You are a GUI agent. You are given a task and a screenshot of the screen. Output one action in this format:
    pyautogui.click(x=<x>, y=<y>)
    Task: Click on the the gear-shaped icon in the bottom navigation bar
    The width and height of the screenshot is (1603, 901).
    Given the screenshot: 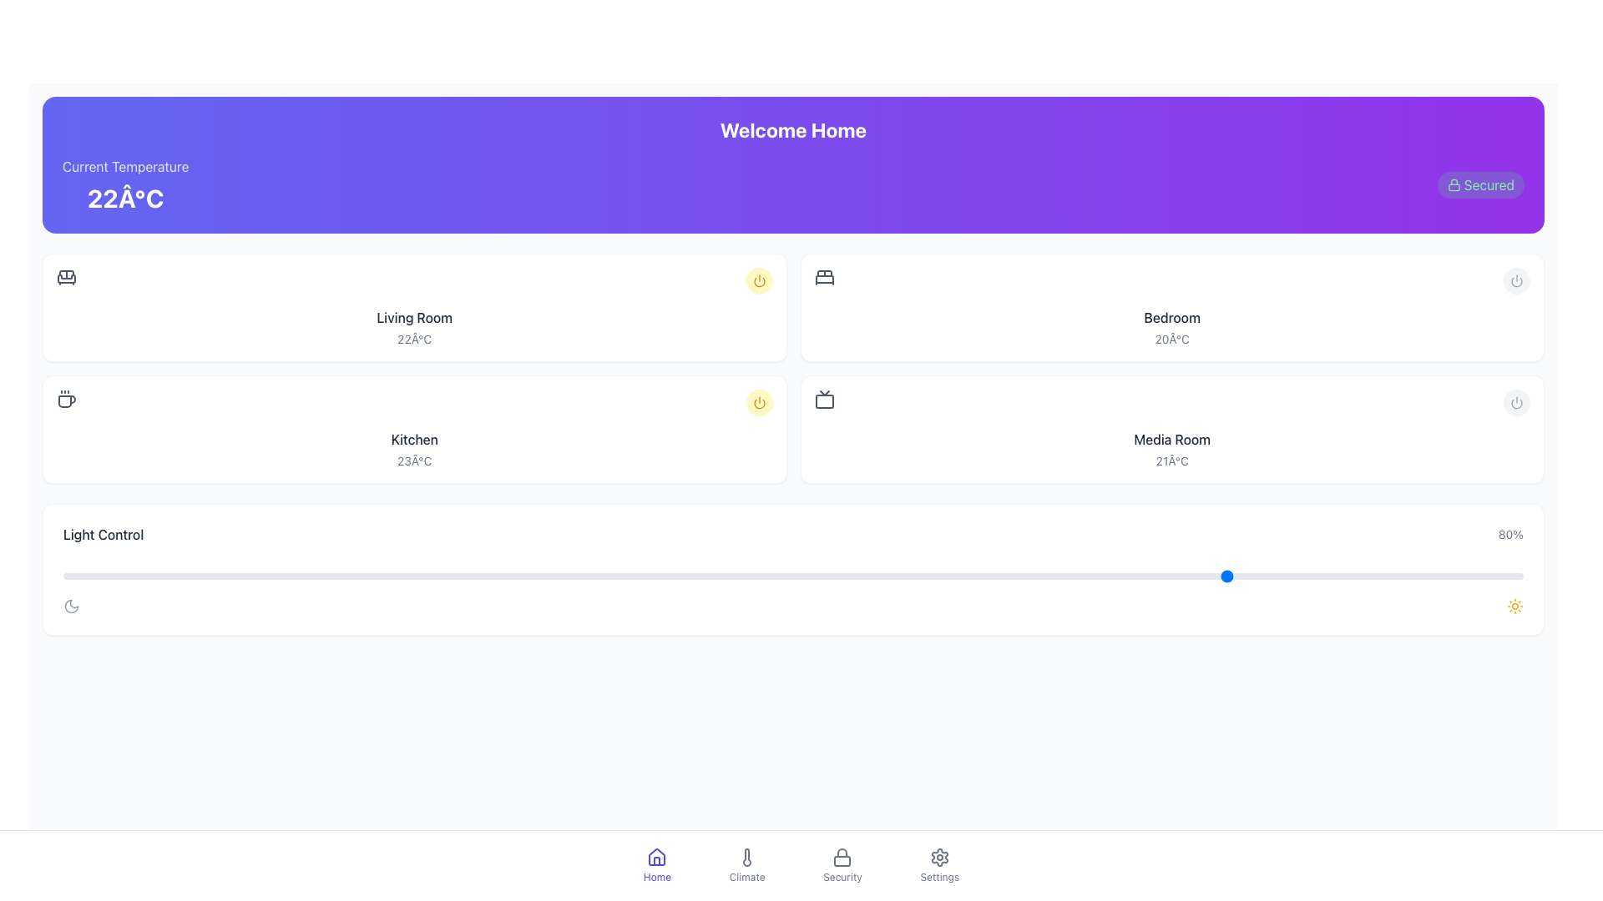 What is the action you would take?
    pyautogui.click(x=939, y=858)
    